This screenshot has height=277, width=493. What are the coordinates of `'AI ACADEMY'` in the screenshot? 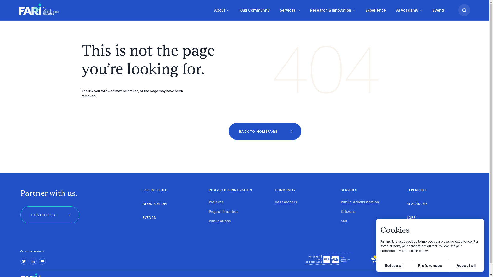 It's located at (417, 204).